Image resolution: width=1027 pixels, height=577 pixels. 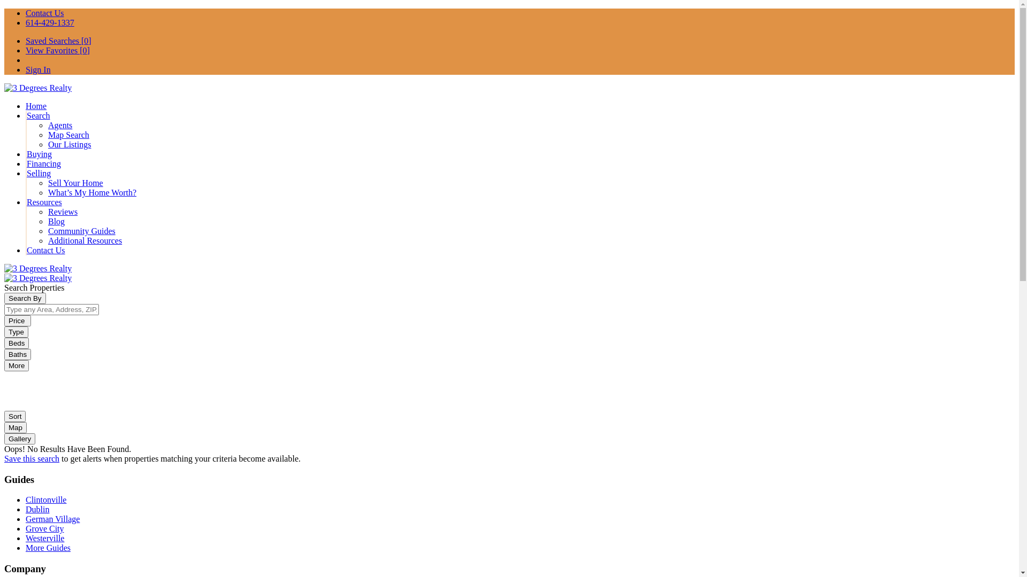 I want to click on 'Gallery', so click(x=20, y=438).